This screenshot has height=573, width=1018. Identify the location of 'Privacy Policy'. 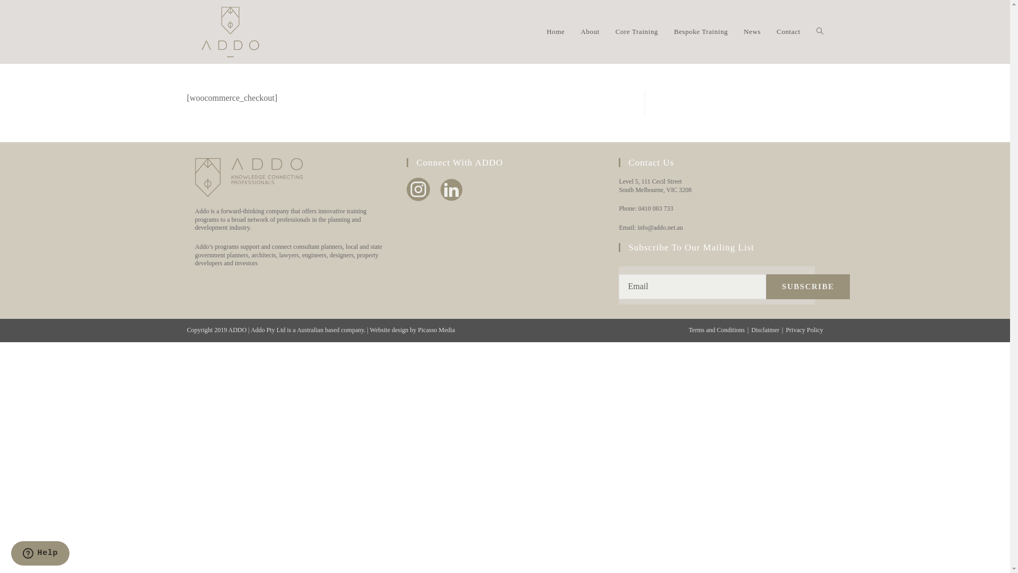
(786, 329).